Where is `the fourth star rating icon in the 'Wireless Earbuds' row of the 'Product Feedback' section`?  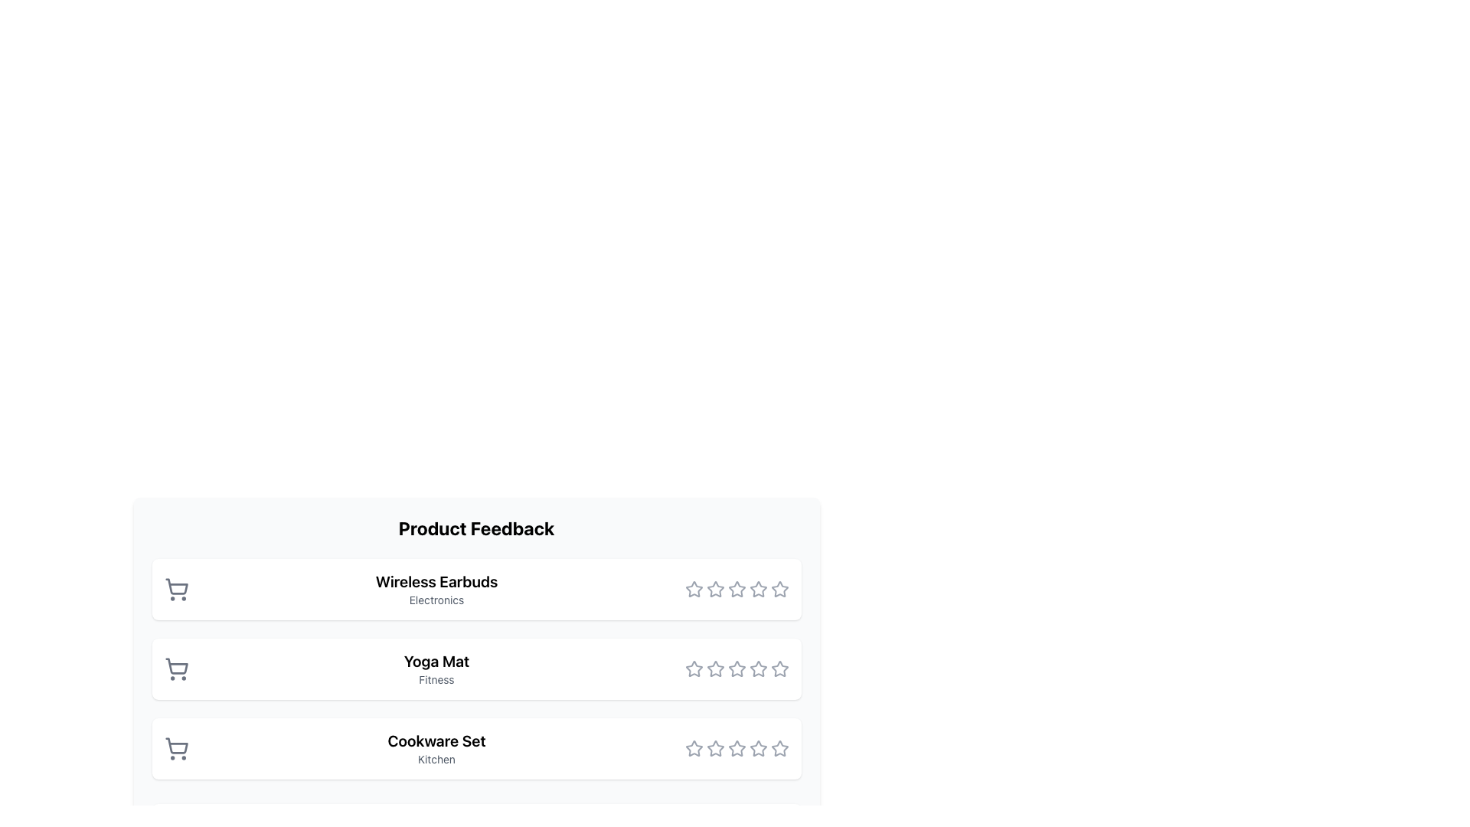 the fourth star rating icon in the 'Wireless Earbuds' row of the 'Product Feedback' section is located at coordinates (737, 588).